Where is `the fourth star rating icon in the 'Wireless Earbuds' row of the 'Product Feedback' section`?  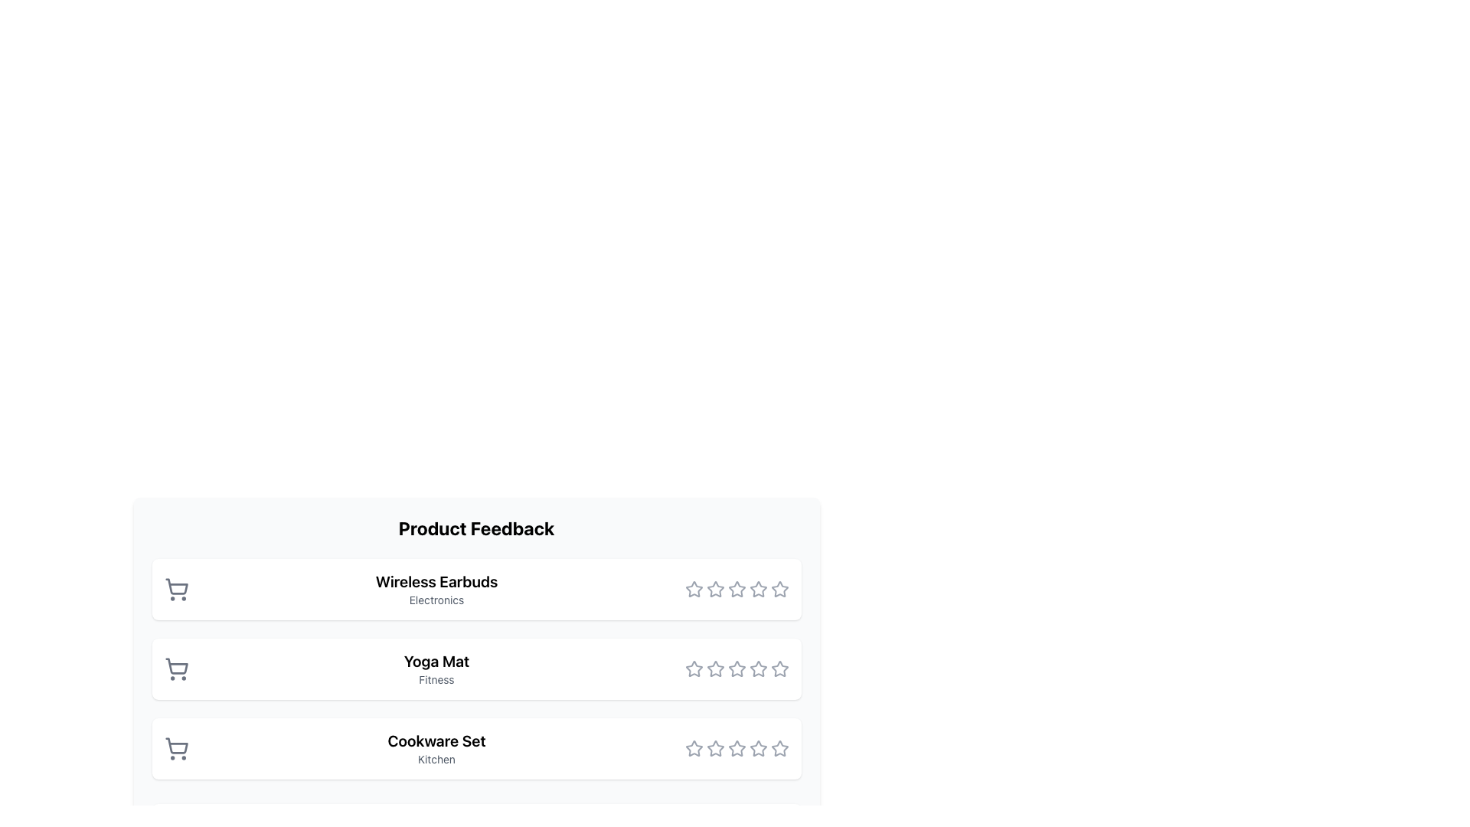 the fourth star rating icon in the 'Wireless Earbuds' row of the 'Product Feedback' section is located at coordinates (737, 588).